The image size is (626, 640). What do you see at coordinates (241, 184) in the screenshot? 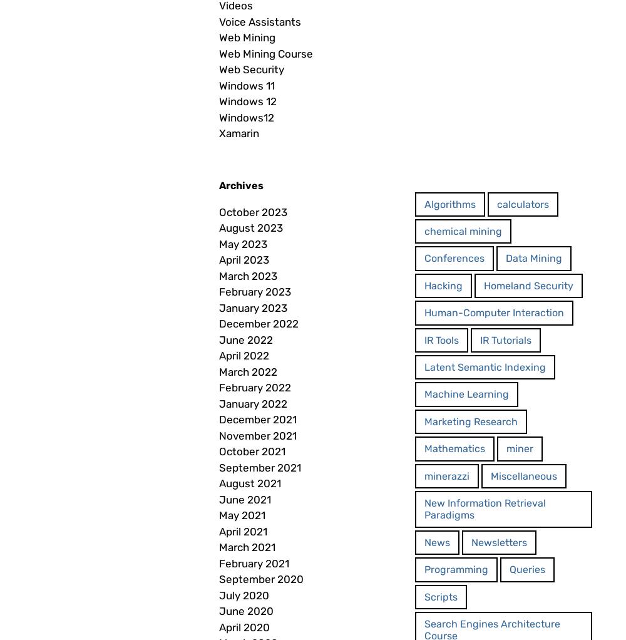
I see `'Archives'` at bounding box center [241, 184].